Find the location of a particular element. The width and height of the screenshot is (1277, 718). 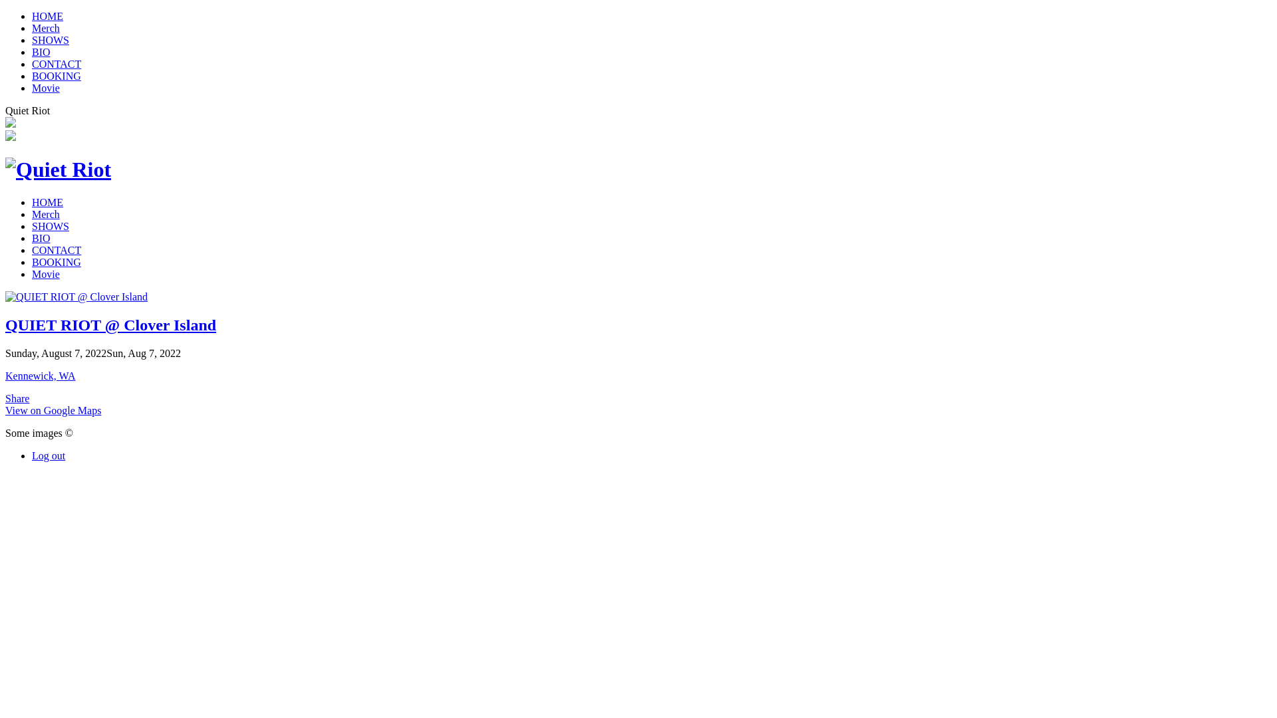

'Merch' is located at coordinates (45, 213).